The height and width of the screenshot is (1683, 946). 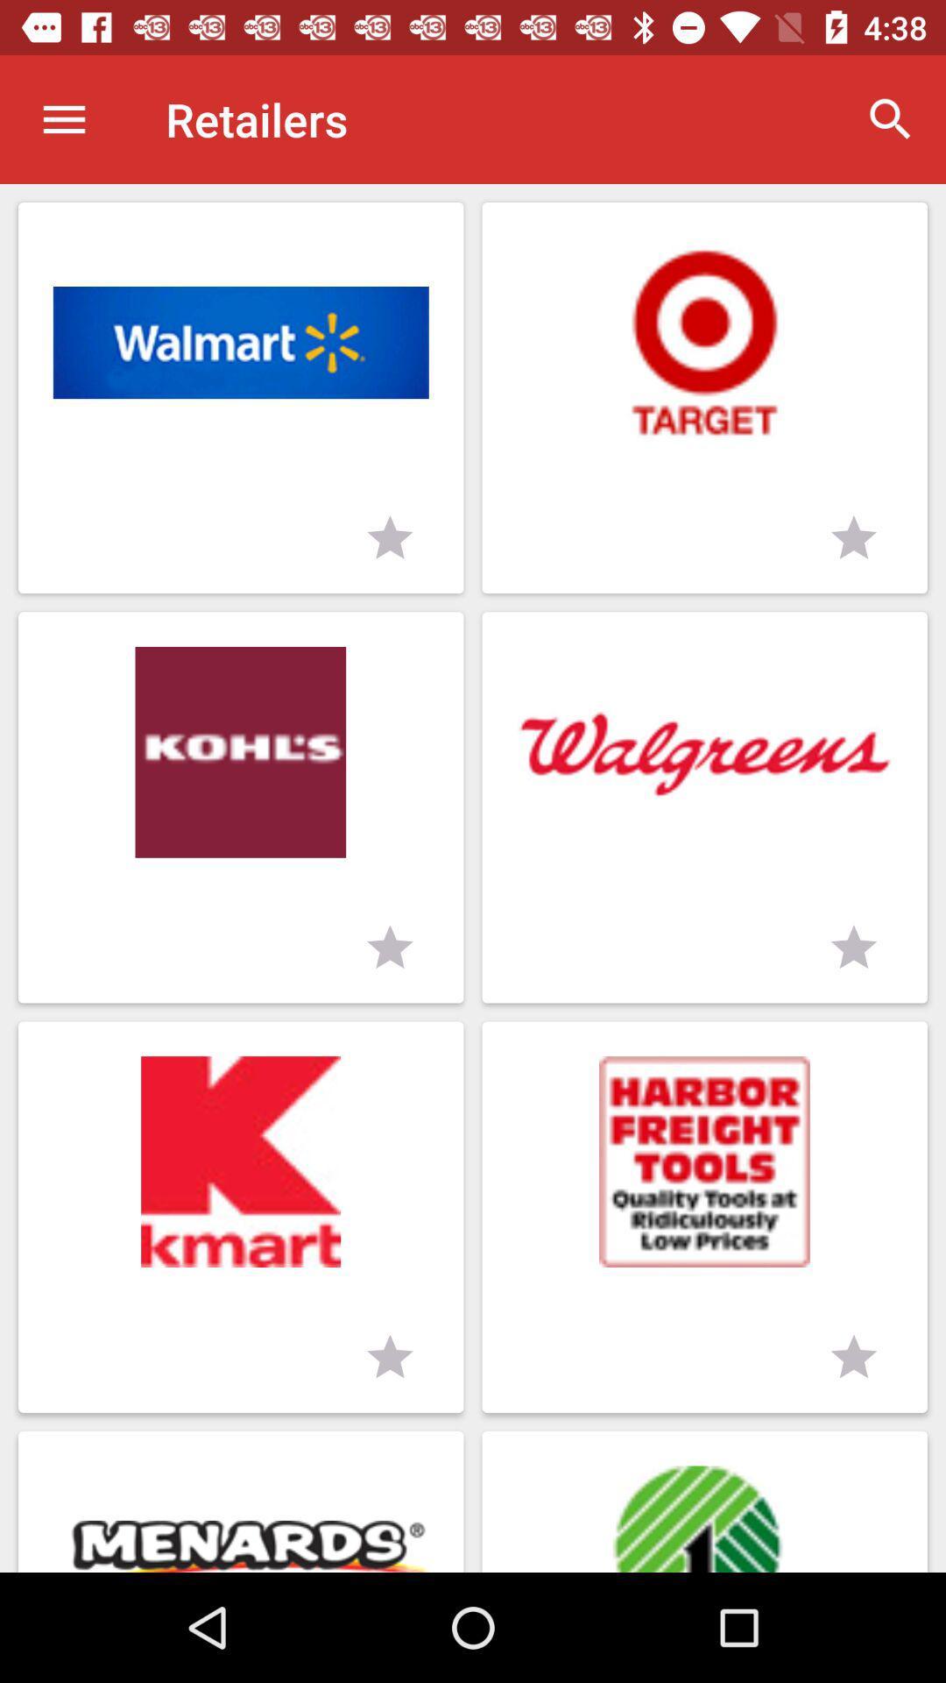 I want to click on logo kohls, so click(x=241, y=806).